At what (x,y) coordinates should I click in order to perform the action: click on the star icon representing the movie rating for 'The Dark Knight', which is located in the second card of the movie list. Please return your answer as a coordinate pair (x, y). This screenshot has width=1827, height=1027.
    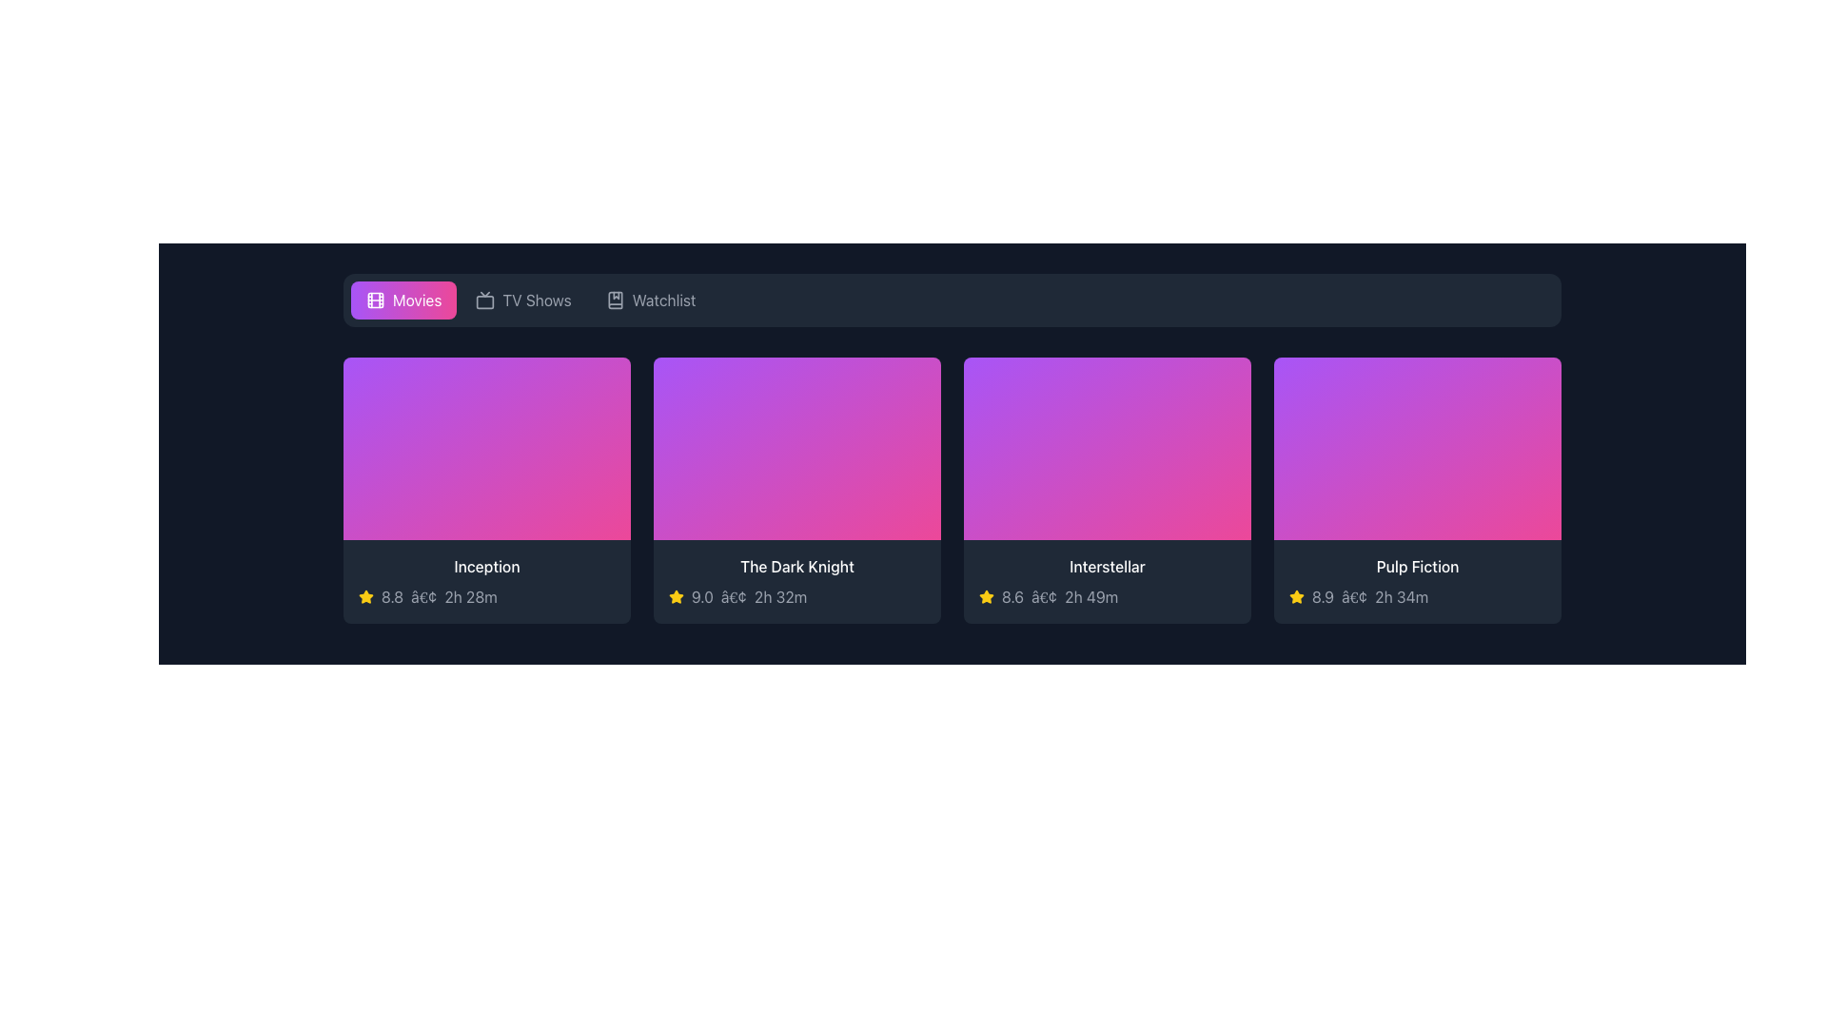
    Looking at the image, I should click on (676, 596).